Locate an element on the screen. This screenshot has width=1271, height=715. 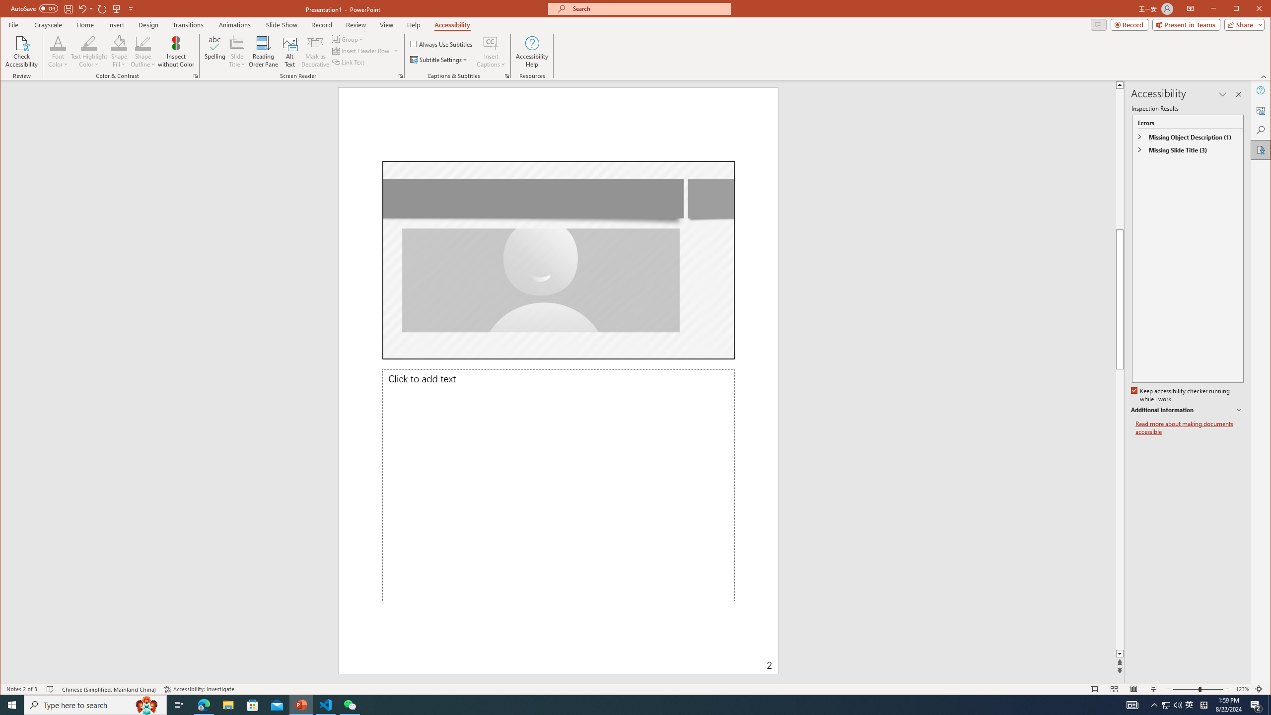
'Link Text' is located at coordinates (348, 62).